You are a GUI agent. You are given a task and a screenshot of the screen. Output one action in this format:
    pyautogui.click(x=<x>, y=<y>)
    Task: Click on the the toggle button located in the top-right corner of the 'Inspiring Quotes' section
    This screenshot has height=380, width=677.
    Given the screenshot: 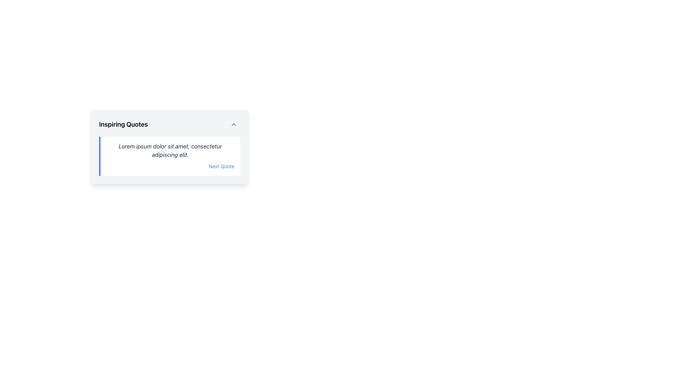 What is the action you would take?
    pyautogui.click(x=233, y=124)
    